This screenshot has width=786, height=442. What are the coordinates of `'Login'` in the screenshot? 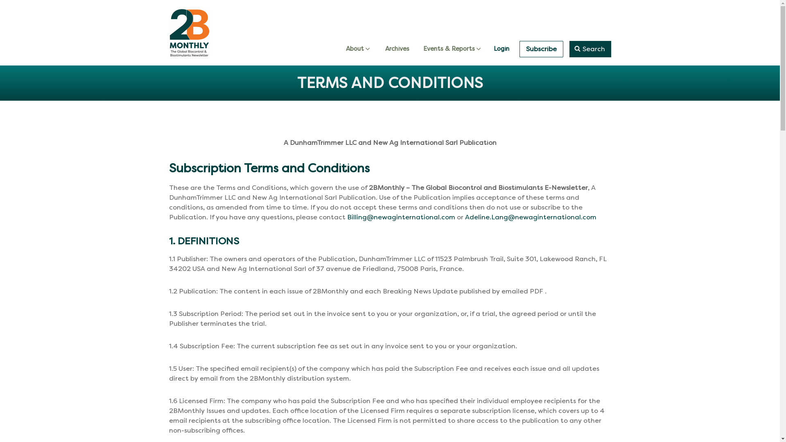 It's located at (501, 49).